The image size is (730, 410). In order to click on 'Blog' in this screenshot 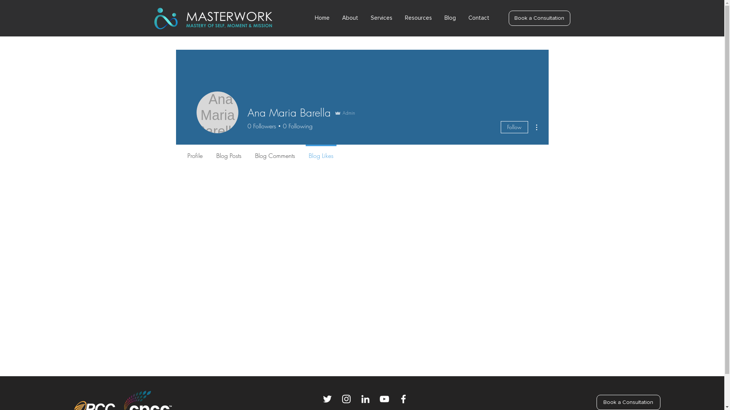, I will do `click(452, 17)`.